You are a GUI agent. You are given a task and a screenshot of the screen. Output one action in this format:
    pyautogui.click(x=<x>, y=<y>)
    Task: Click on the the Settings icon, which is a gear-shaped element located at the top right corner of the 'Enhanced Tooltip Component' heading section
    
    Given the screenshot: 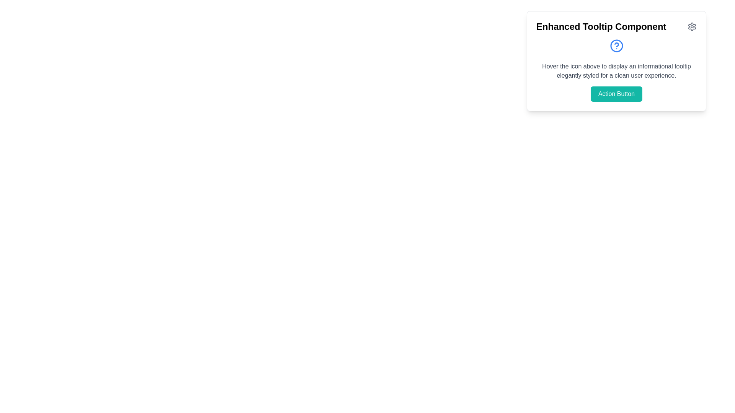 What is the action you would take?
    pyautogui.click(x=692, y=26)
    